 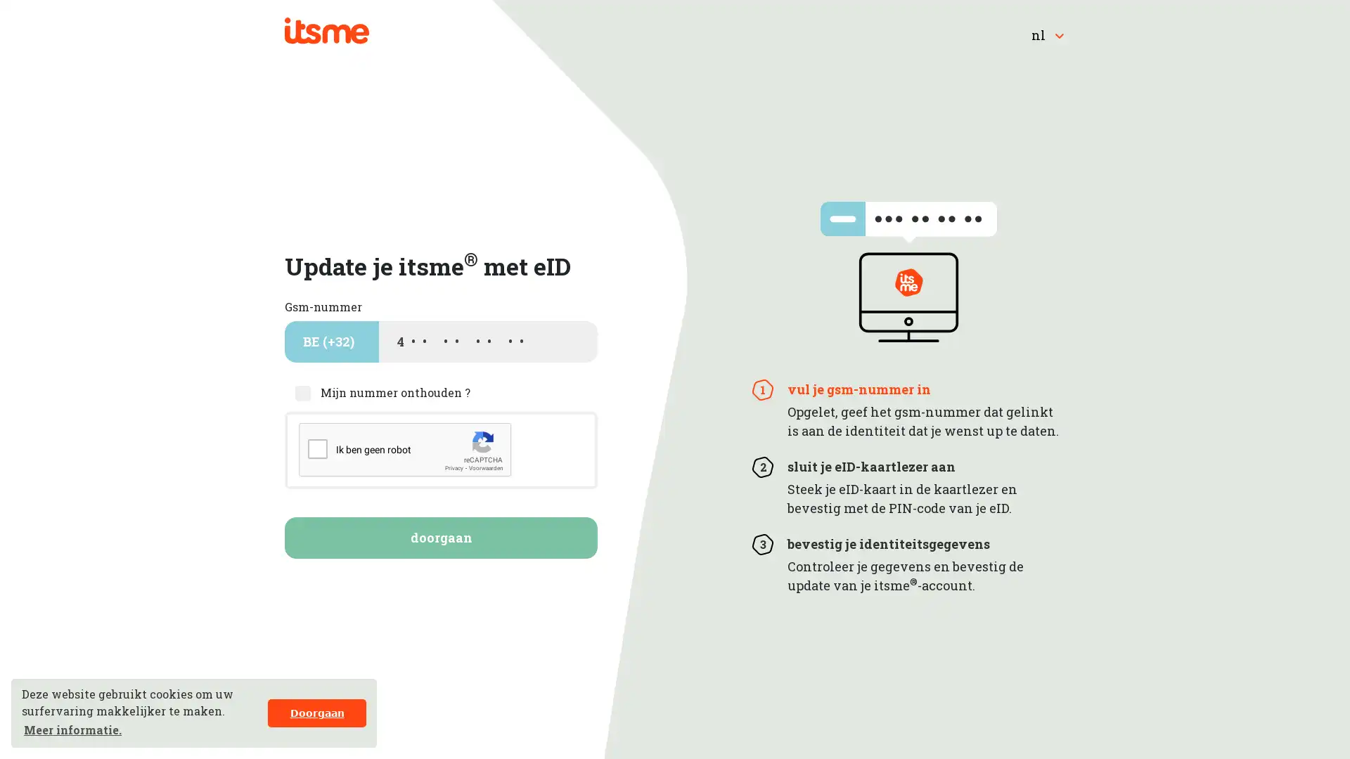 I want to click on learn more about cookies, so click(x=72, y=729).